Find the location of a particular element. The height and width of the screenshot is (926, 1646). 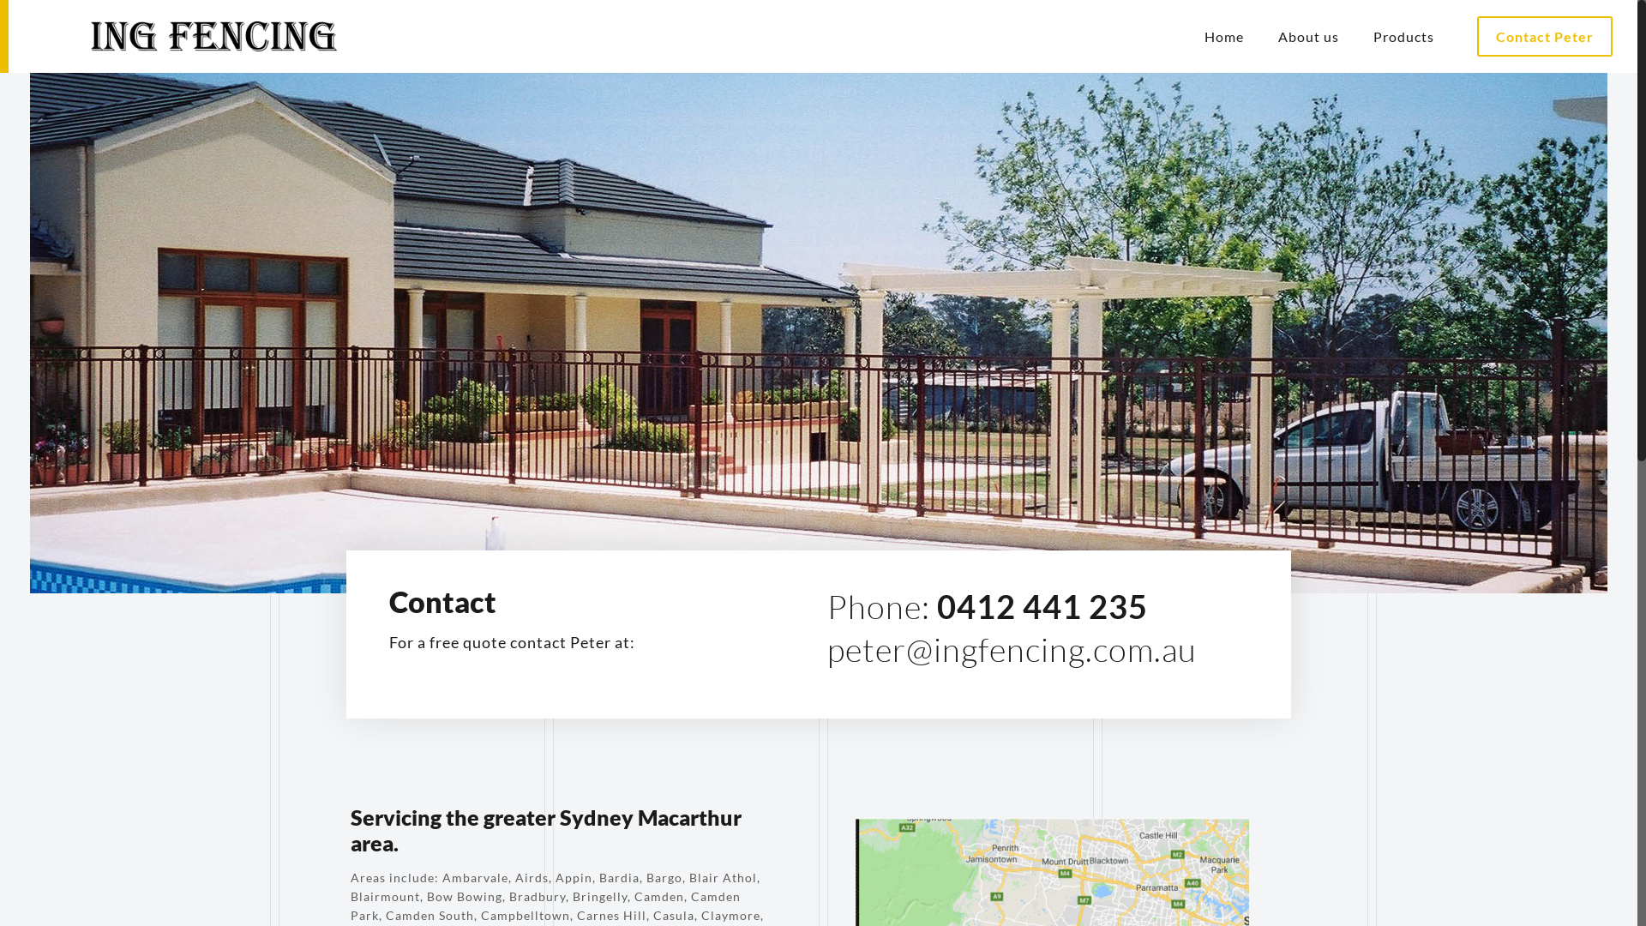

'ING Fencing' is located at coordinates (190, 36).